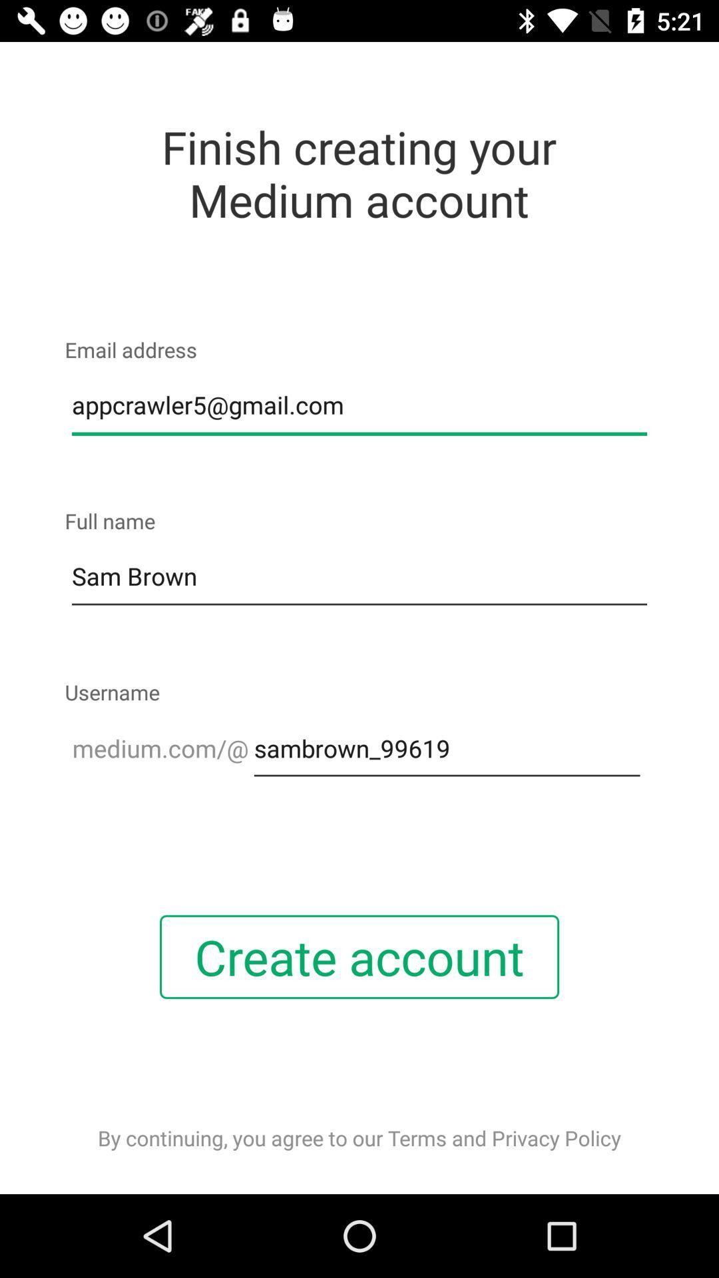 The image size is (719, 1278). What do you see at coordinates (359, 577) in the screenshot?
I see `item below the full name icon` at bounding box center [359, 577].